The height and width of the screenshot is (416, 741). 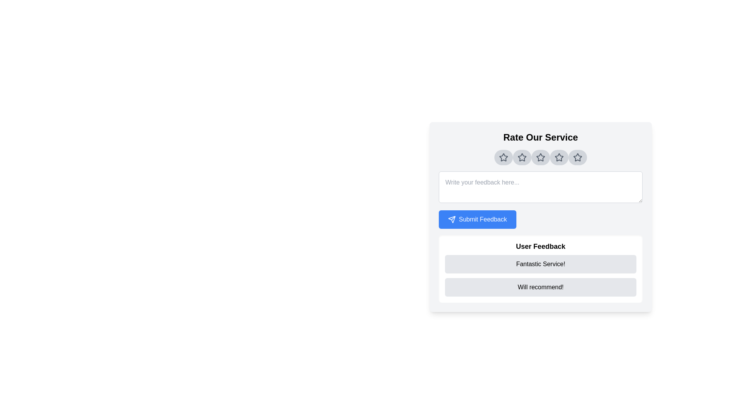 What do you see at coordinates (559, 157) in the screenshot?
I see `the 4th star icon in the horizontal sequence of five stars under the header 'Rate Our Service' to rate it` at bounding box center [559, 157].